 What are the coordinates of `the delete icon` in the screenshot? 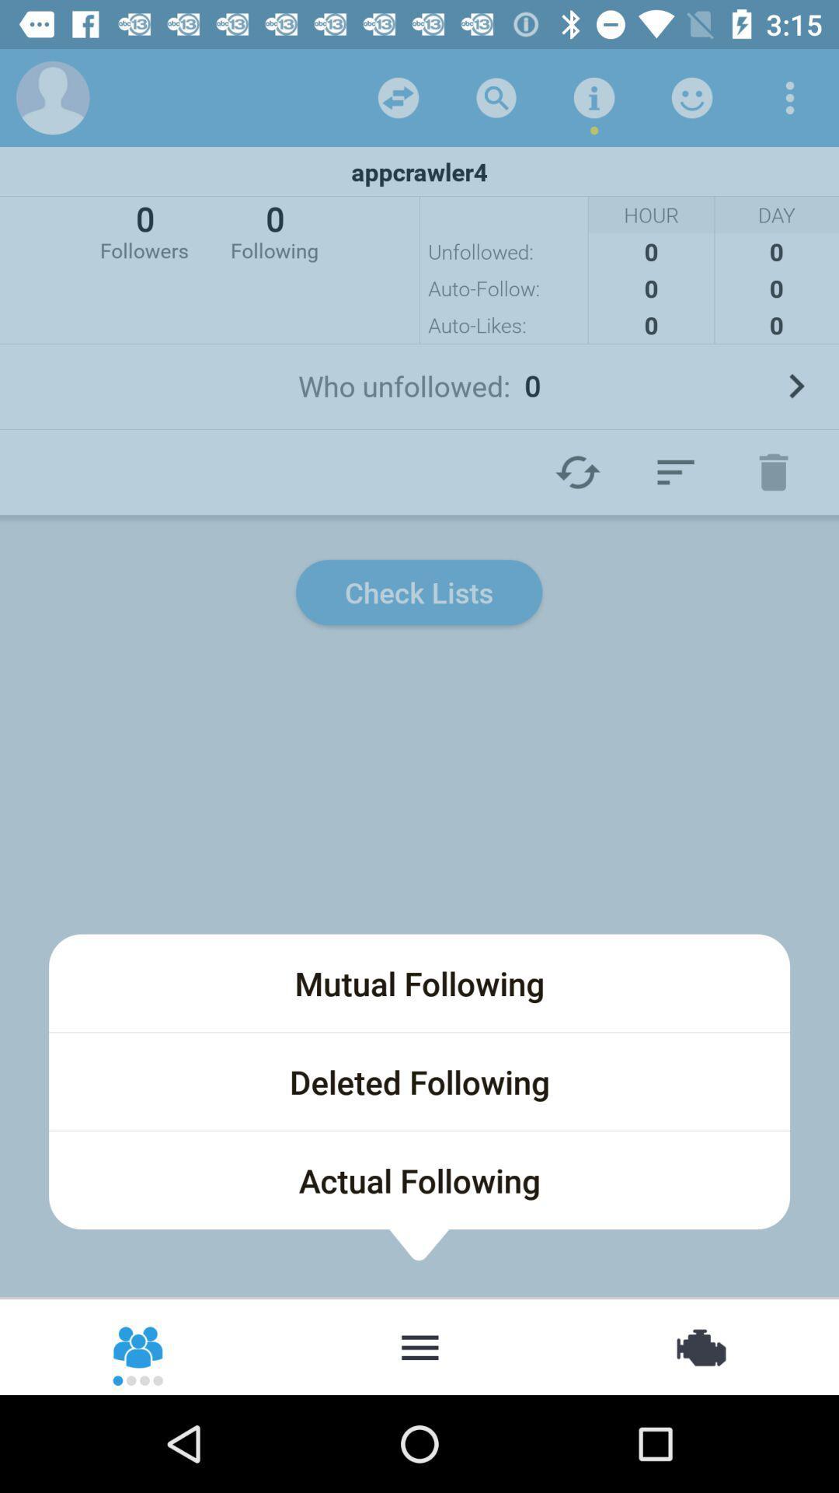 It's located at (773, 471).